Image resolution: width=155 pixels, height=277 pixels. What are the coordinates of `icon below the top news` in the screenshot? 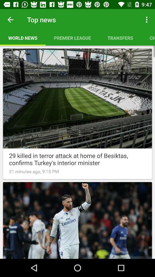 It's located at (72, 38).